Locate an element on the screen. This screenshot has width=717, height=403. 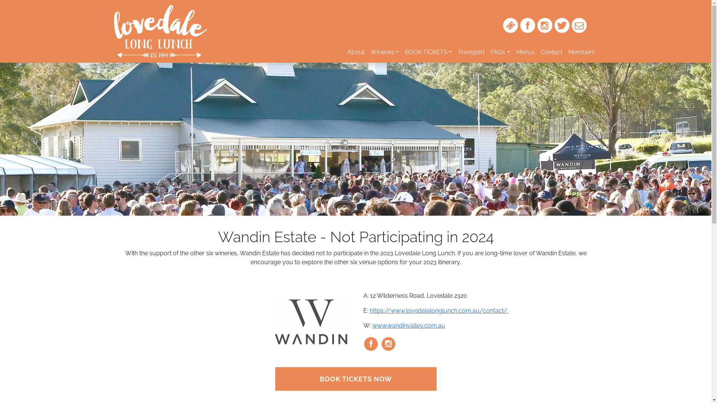
'www.wandinvalley.com.au' is located at coordinates (408, 325).